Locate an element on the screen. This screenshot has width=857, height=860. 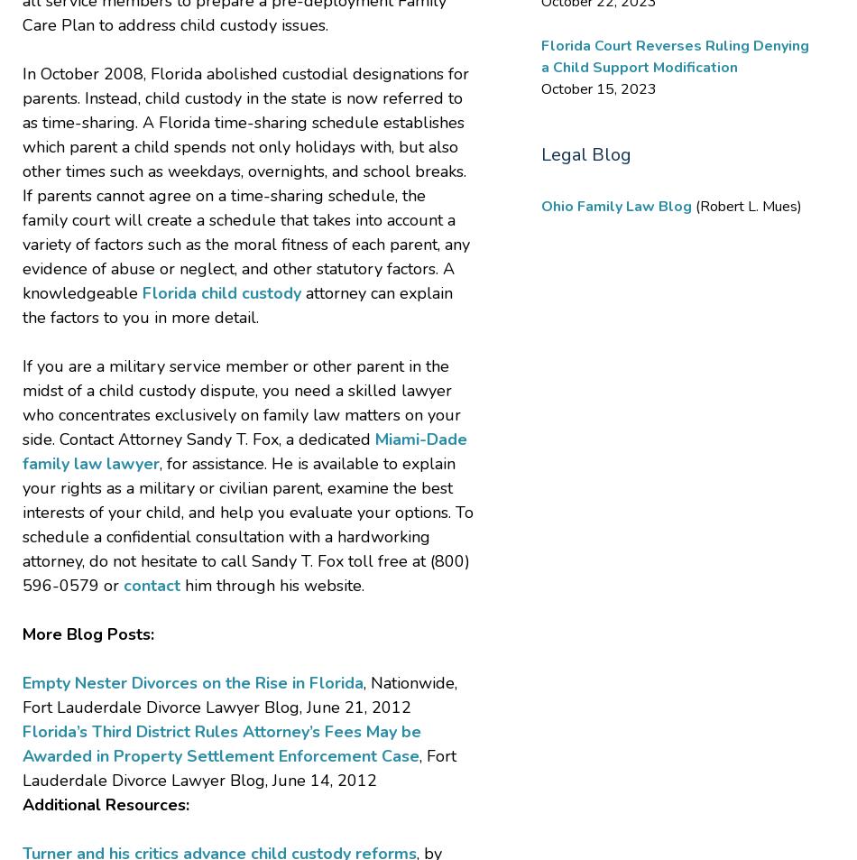
'October 15, 2023' is located at coordinates (598, 88).